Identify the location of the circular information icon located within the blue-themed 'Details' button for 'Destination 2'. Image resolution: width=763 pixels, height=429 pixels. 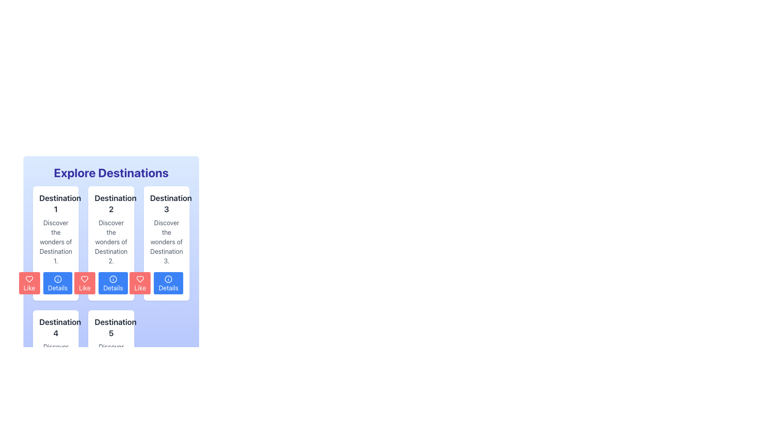
(57, 278).